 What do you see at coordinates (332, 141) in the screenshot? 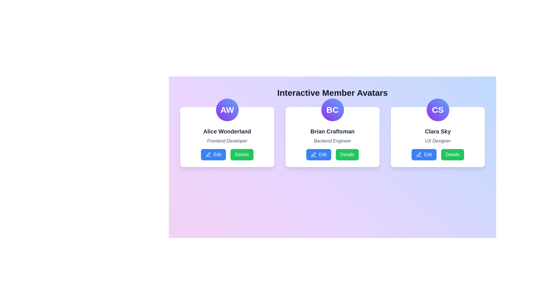
I see `the text label indicating the professional role or title, which reads 'Backend Engineer', positioned below the name 'Brian Craftsman'` at bounding box center [332, 141].